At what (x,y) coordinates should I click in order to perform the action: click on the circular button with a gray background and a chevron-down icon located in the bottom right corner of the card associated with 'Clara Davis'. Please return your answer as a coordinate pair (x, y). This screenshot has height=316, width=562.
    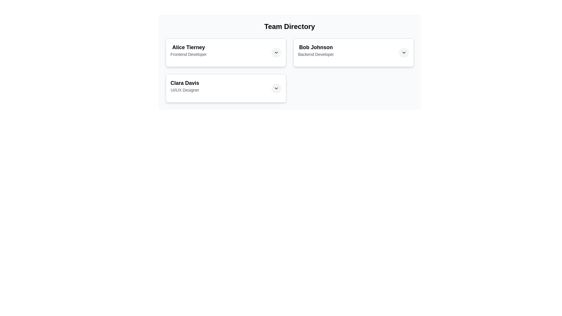
    Looking at the image, I should click on (276, 88).